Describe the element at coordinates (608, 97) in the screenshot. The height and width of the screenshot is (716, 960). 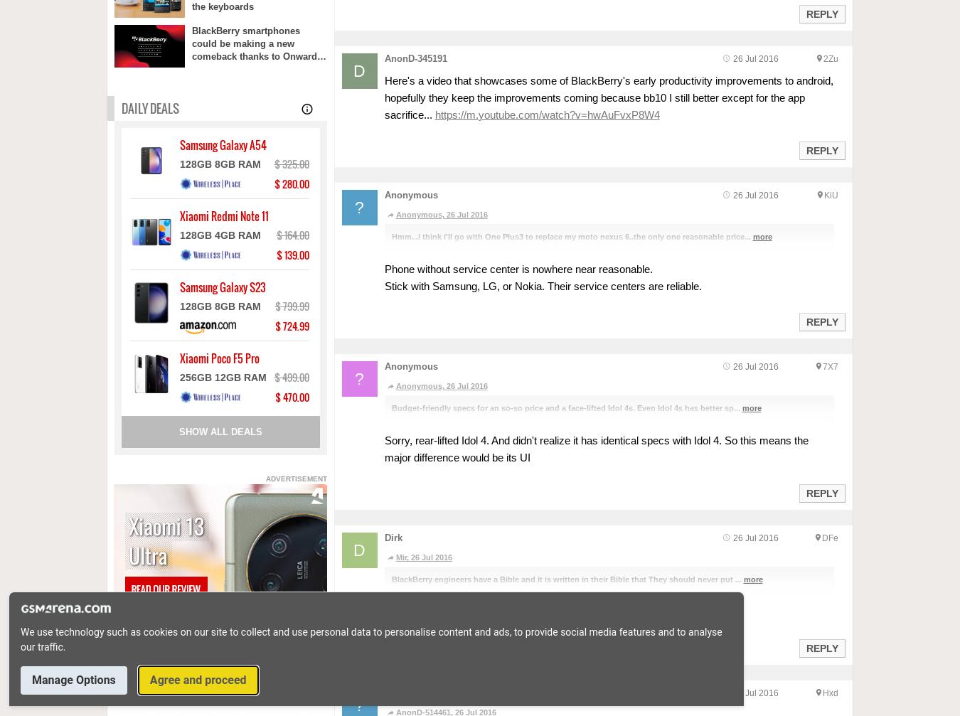
I see `'Here's a video that showcases some of BlackBerry's early productivity improvements to android, hopefully they keep the improvements coming because bb10 I still better except for the app sacrifice...'` at that location.